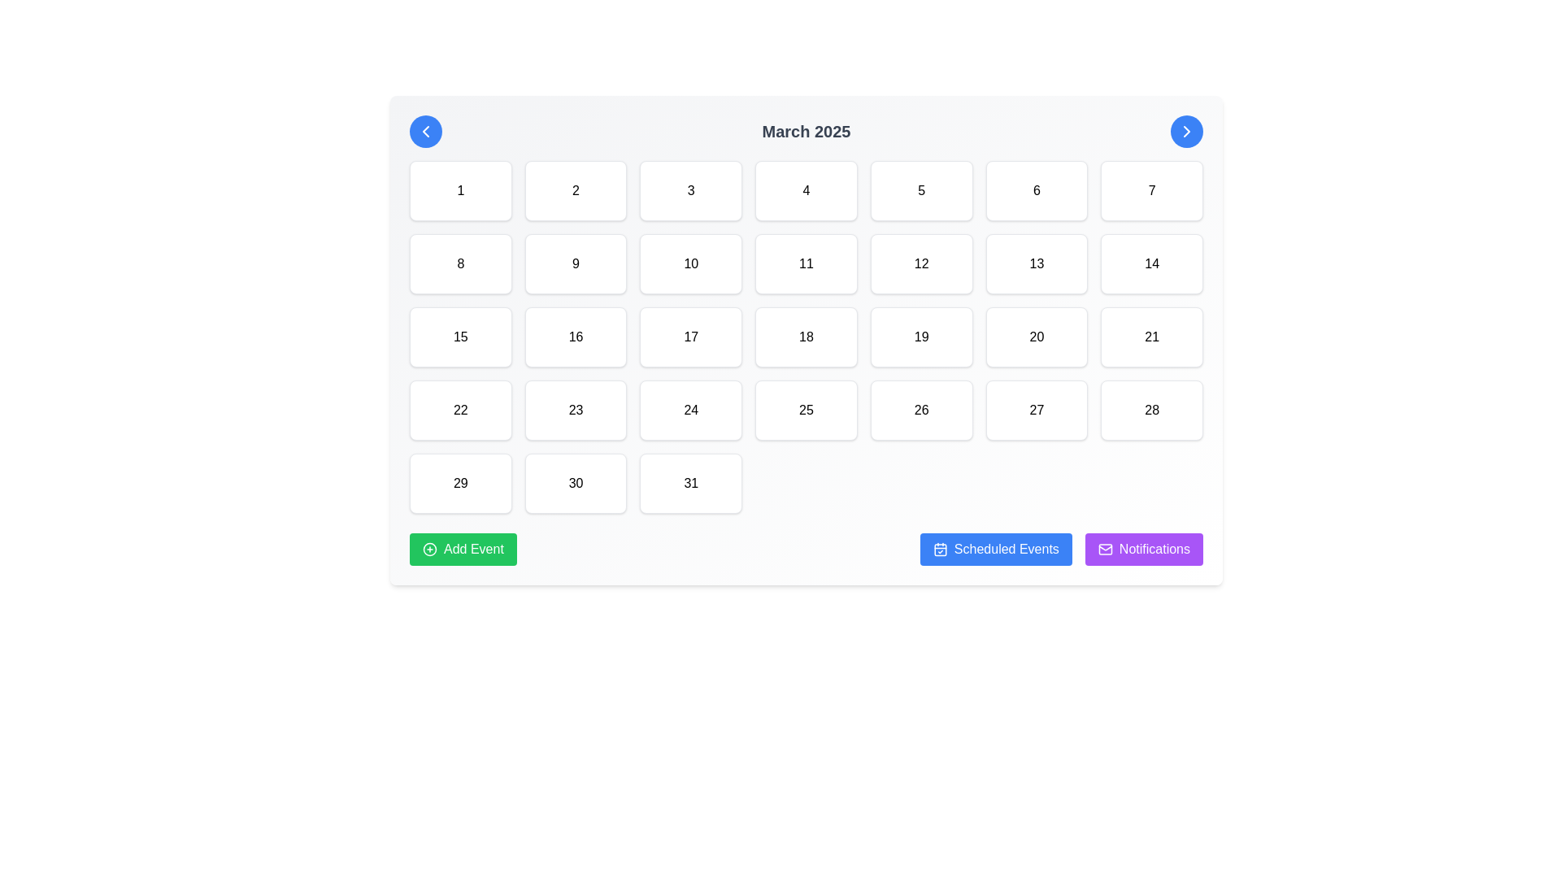  Describe the element at coordinates (807, 263) in the screenshot. I see `the Calendar day cell displaying the number '11' in the March 2025 calendar grid, located in the second row and fourth column` at that location.